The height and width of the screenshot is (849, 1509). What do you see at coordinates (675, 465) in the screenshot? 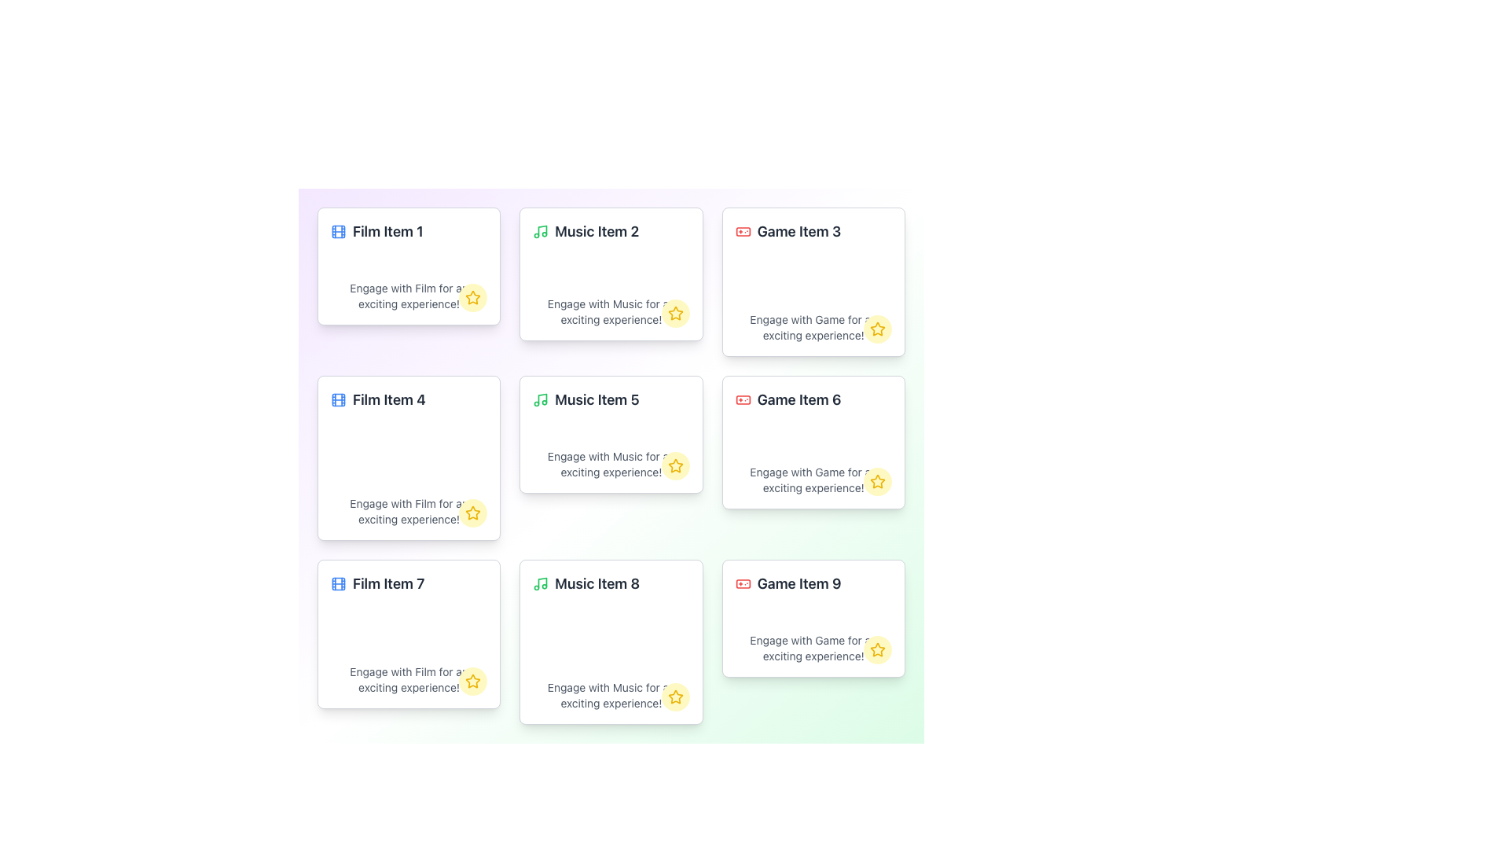
I see `the star icon button located at the bottom-right corner of the card, directly below the text 'Engage with Music for an exciting experience!'` at bounding box center [675, 465].